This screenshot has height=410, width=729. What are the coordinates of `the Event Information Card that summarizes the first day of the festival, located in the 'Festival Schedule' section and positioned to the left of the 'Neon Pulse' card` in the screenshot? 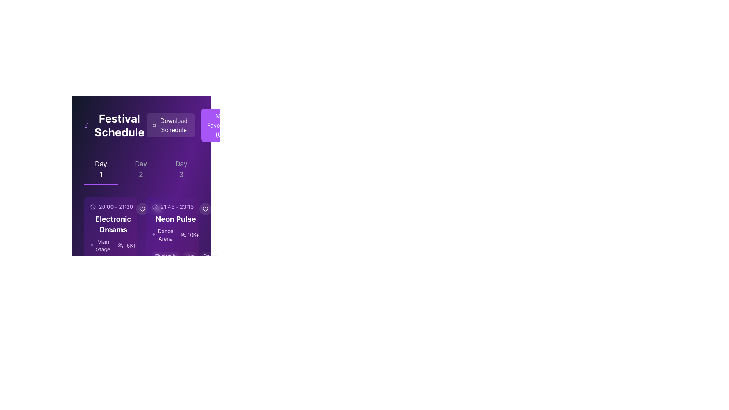 It's located at (110, 228).